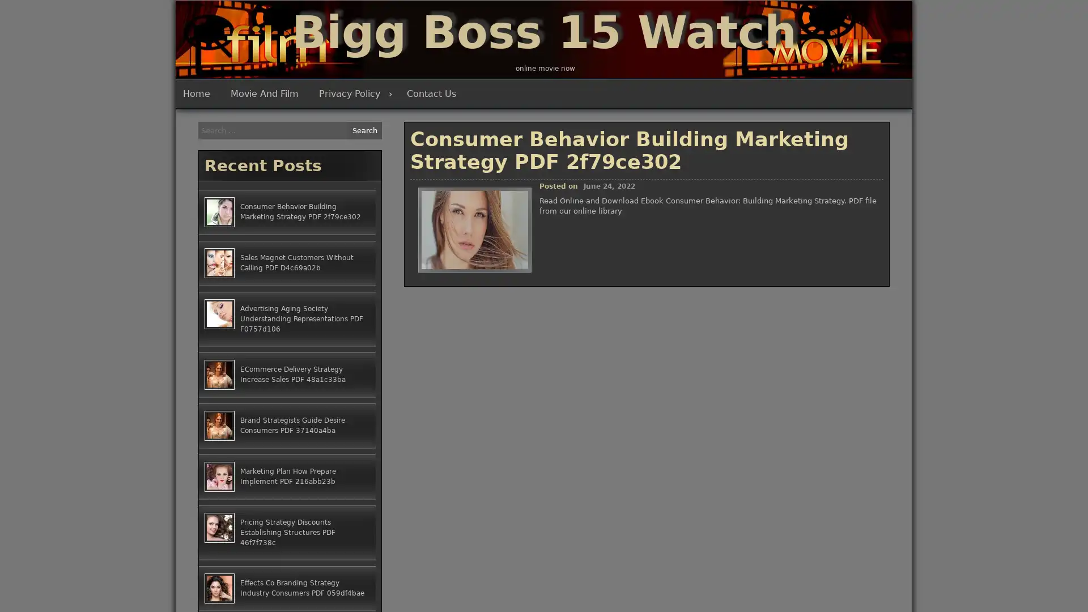 The width and height of the screenshot is (1088, 612). I want to click on Search, so click(364, 130).